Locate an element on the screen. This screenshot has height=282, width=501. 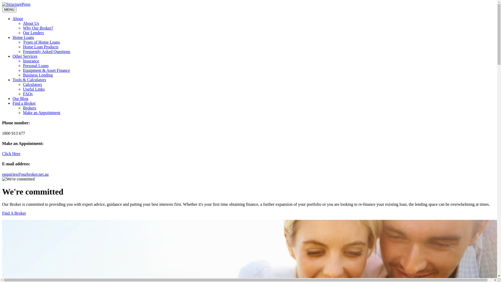
'Make an Appointment' is located at coordinates (41, 112).